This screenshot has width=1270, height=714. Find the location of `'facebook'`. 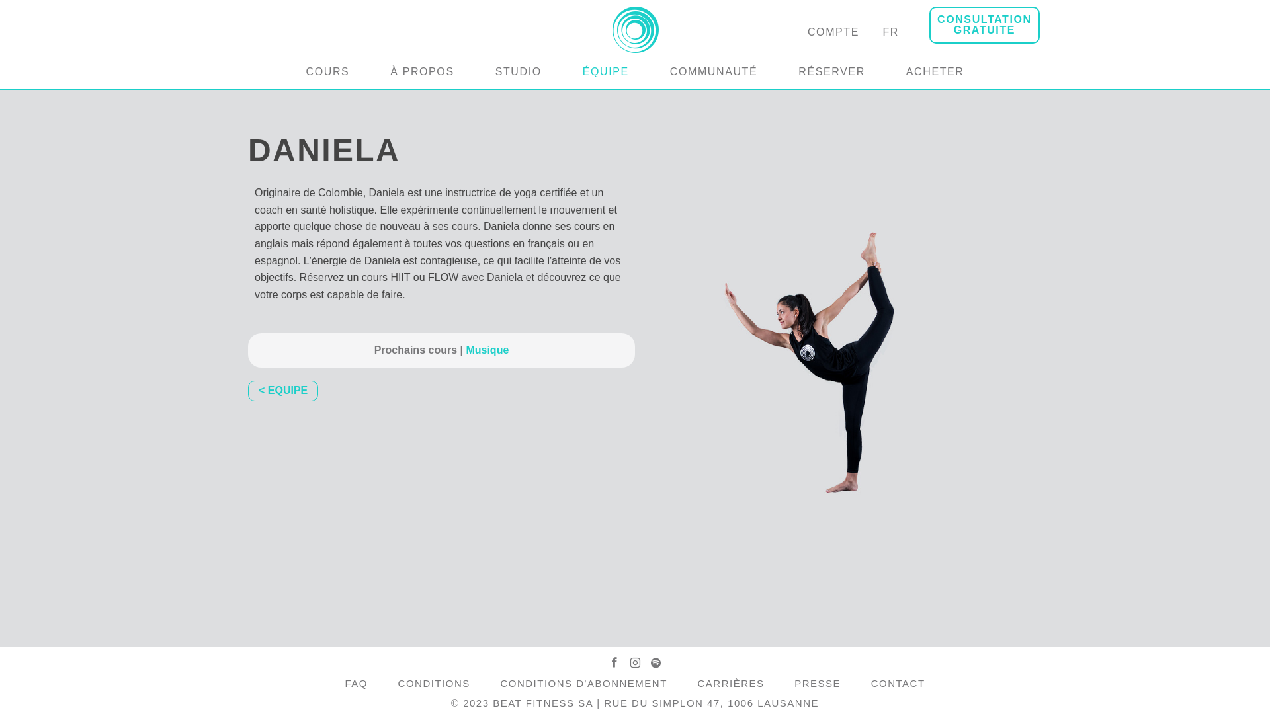

'facebook' is located at coordinates (609, 663).